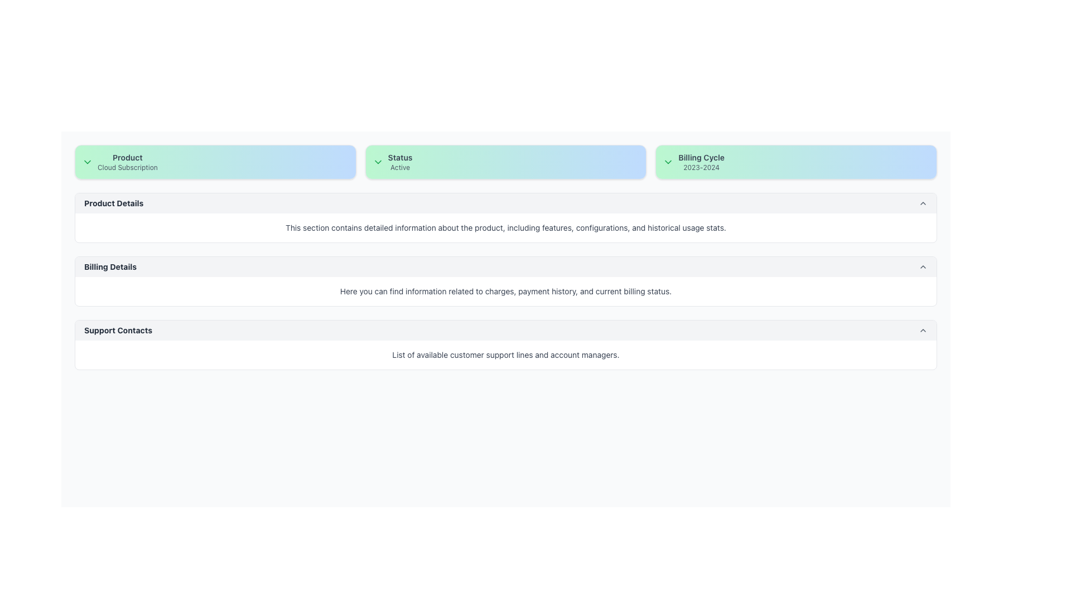  What do you see at coordinates (923, 266) in the screenshot?
I see `the Toggle Icon located in the 'Billing Details' section header to indicate focus. This icon is positioned at the far right of the header, adjacent to the header text and is the last element in that row` at bounding box center [923, 266].